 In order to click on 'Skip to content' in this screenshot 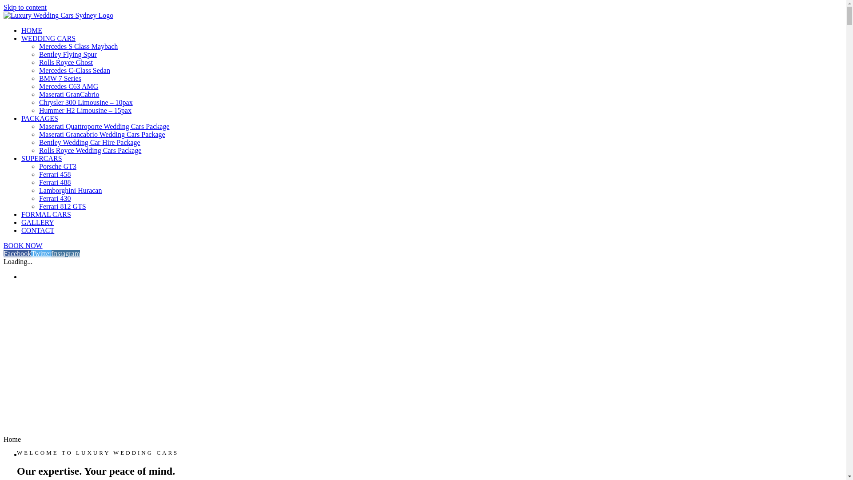, I will do `click(25, 7)`.